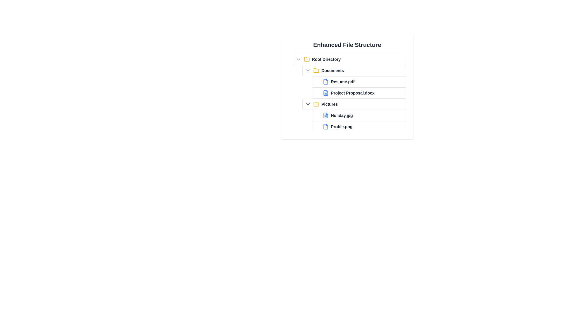  Describe the element at coordinates (353, 93) in the screenshot. I see `the second textual label in the file list representing the file 'Project Proposal.docx'` at that location.